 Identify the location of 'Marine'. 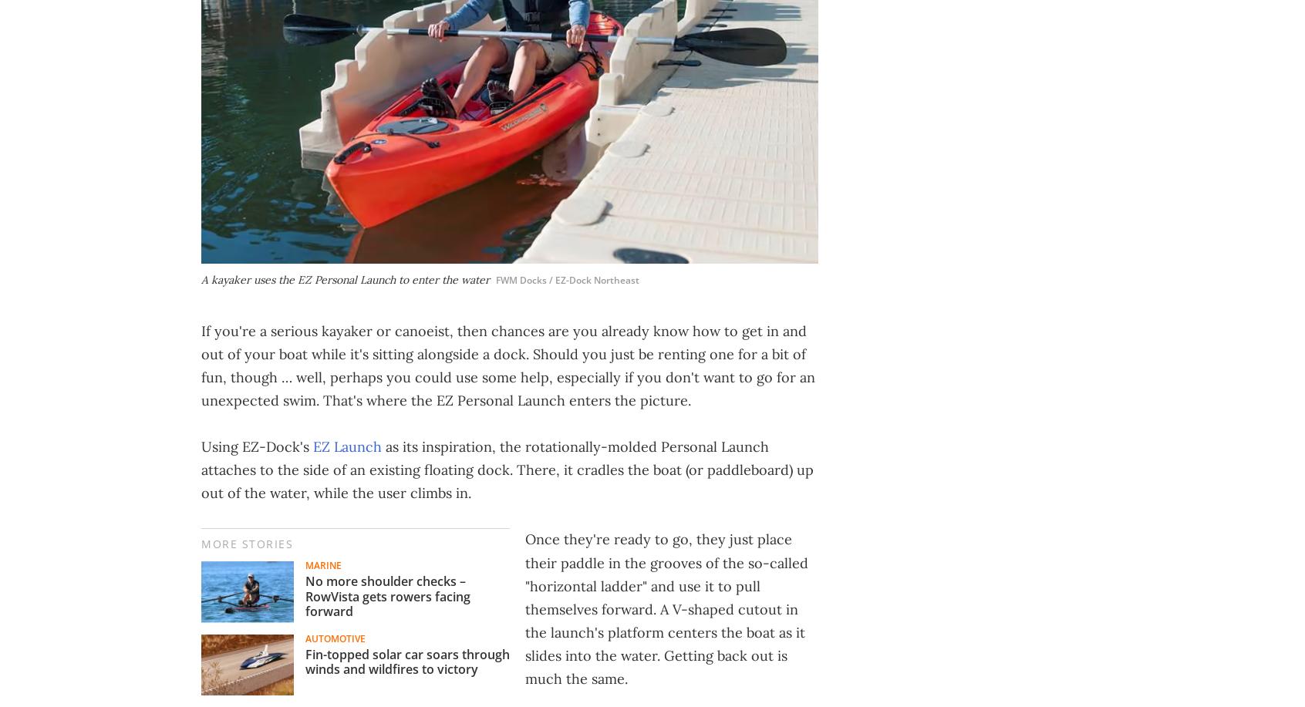
(323, 564).